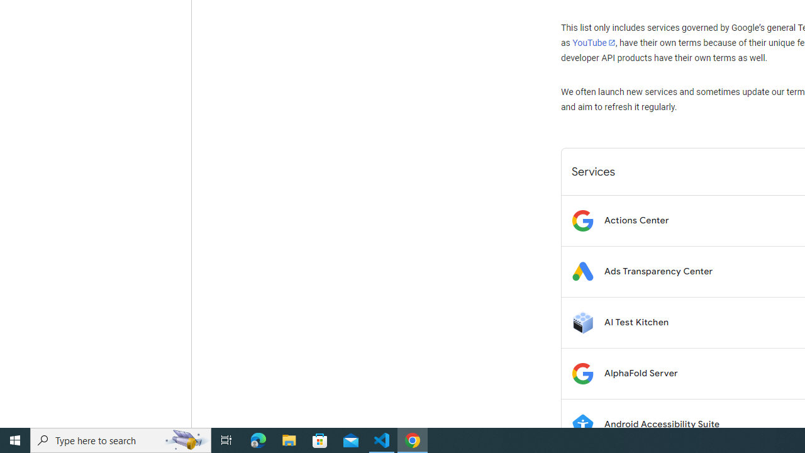  Describe the element at coordinates (582, 424) in the screenshot. I see `'Logo for Android Accessibility Suite'` at that location.